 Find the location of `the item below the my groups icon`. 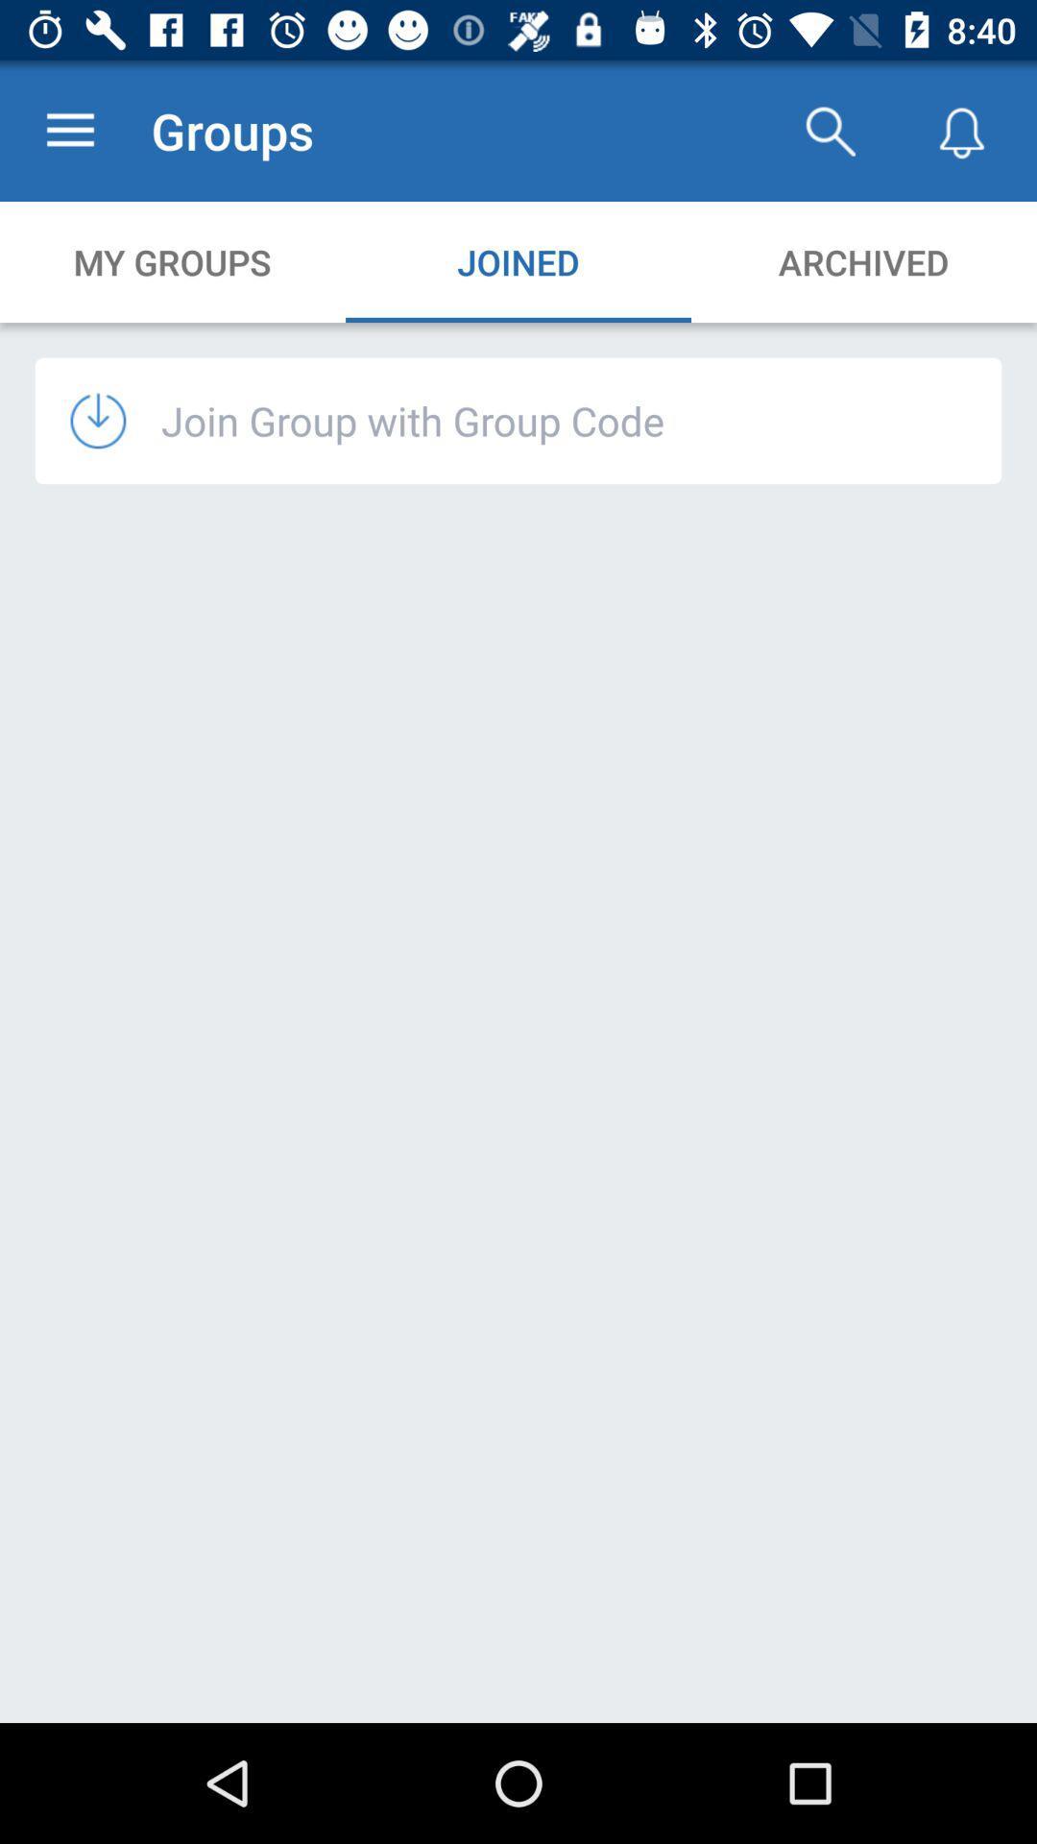

the item below the my groups icon is located at coordinates (412, 419).